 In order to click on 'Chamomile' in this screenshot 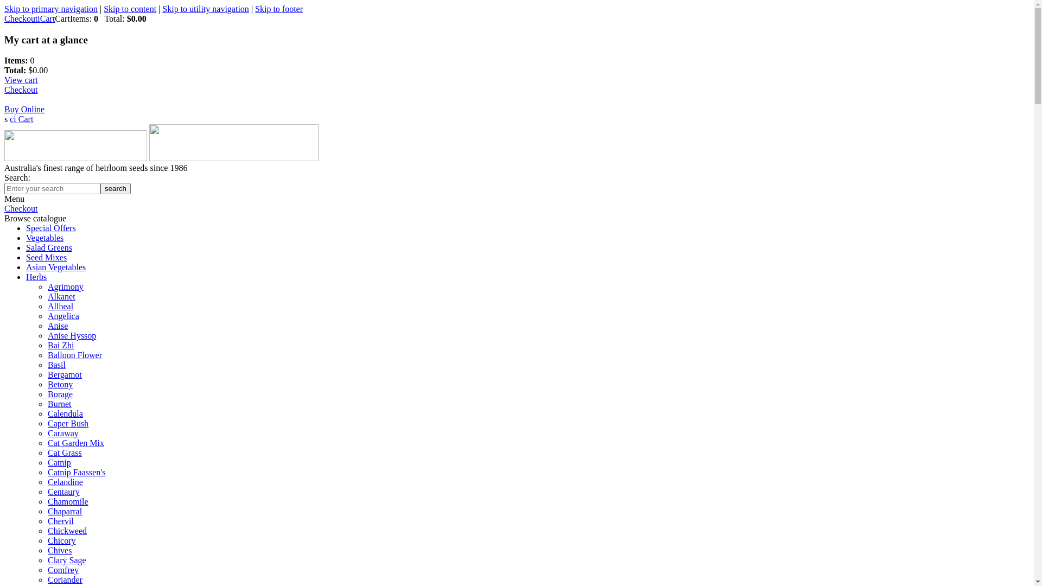, I will do `click(67, 501)`.